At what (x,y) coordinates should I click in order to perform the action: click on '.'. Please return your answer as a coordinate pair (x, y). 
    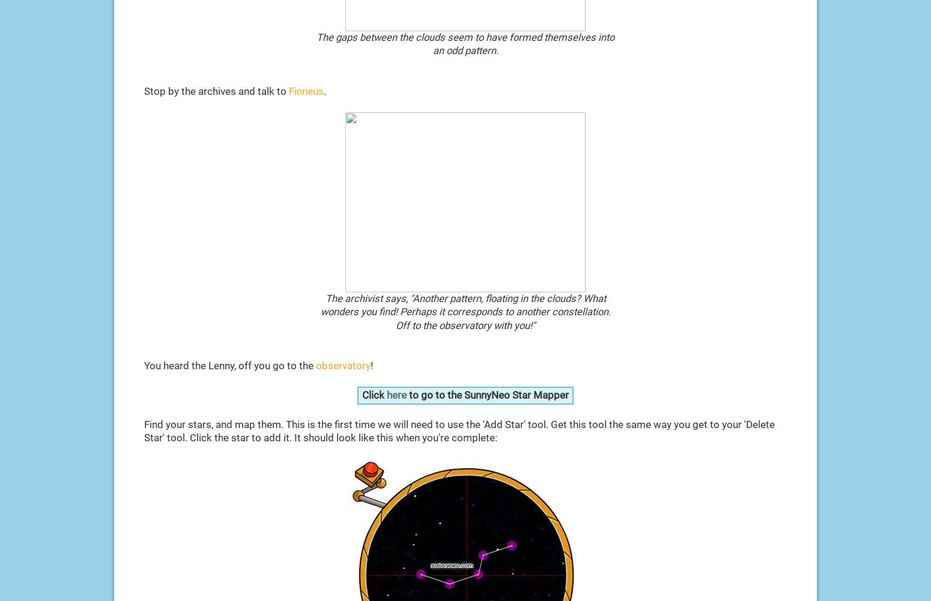
    Looking at the image, I should click on (324, 91).